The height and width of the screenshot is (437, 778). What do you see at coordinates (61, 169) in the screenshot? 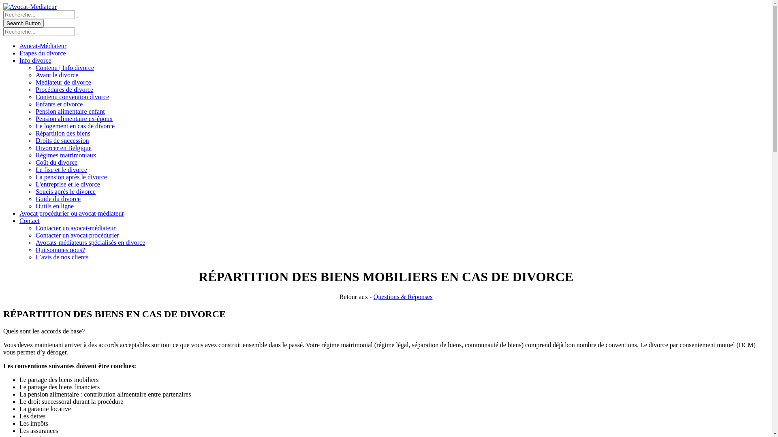
I see `'Le fisc et le divorce'` at bounding box center [61, 169].